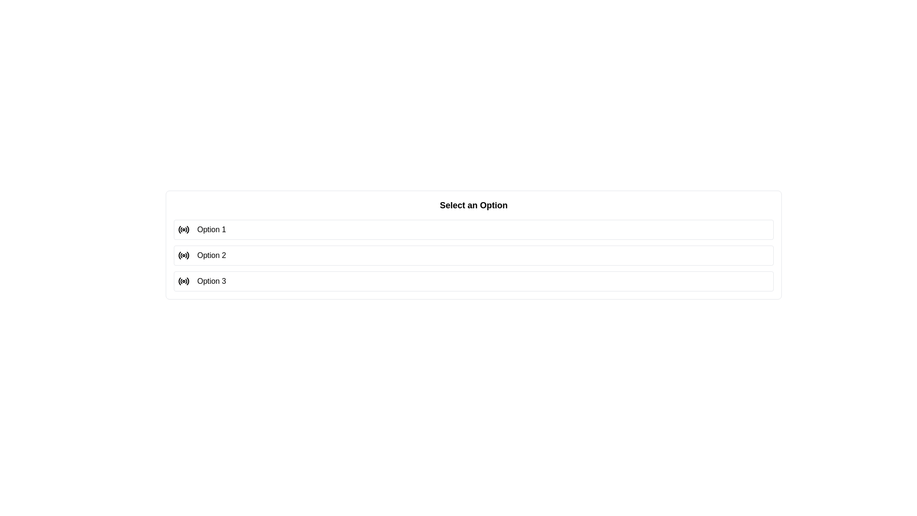  I want to click on the selectable option labeled 'Option 3' with a radio button indicator, so click(474, 281).